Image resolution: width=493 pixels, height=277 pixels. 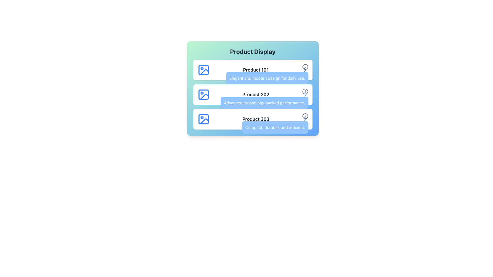 I want to click on the circular outline of the SVG icon located at the far right of the 'Product 101' row, so click(x=305, y=67).